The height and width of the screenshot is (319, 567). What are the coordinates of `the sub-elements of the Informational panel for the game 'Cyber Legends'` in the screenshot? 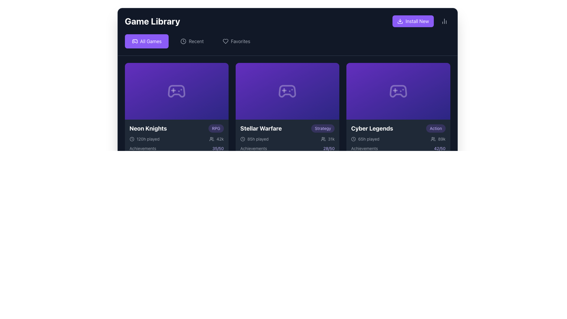 It's located at (398, 146).